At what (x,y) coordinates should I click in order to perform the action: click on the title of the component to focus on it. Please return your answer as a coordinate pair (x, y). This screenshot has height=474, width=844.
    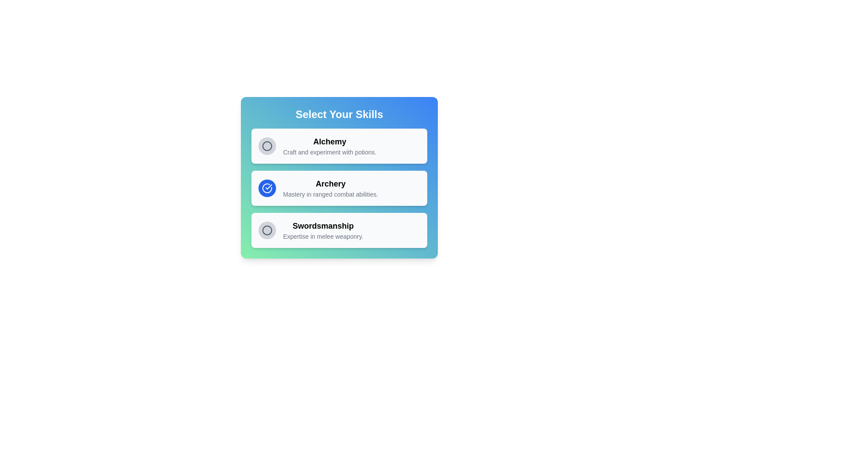
    Looking at the image, I should click on (339, 114).